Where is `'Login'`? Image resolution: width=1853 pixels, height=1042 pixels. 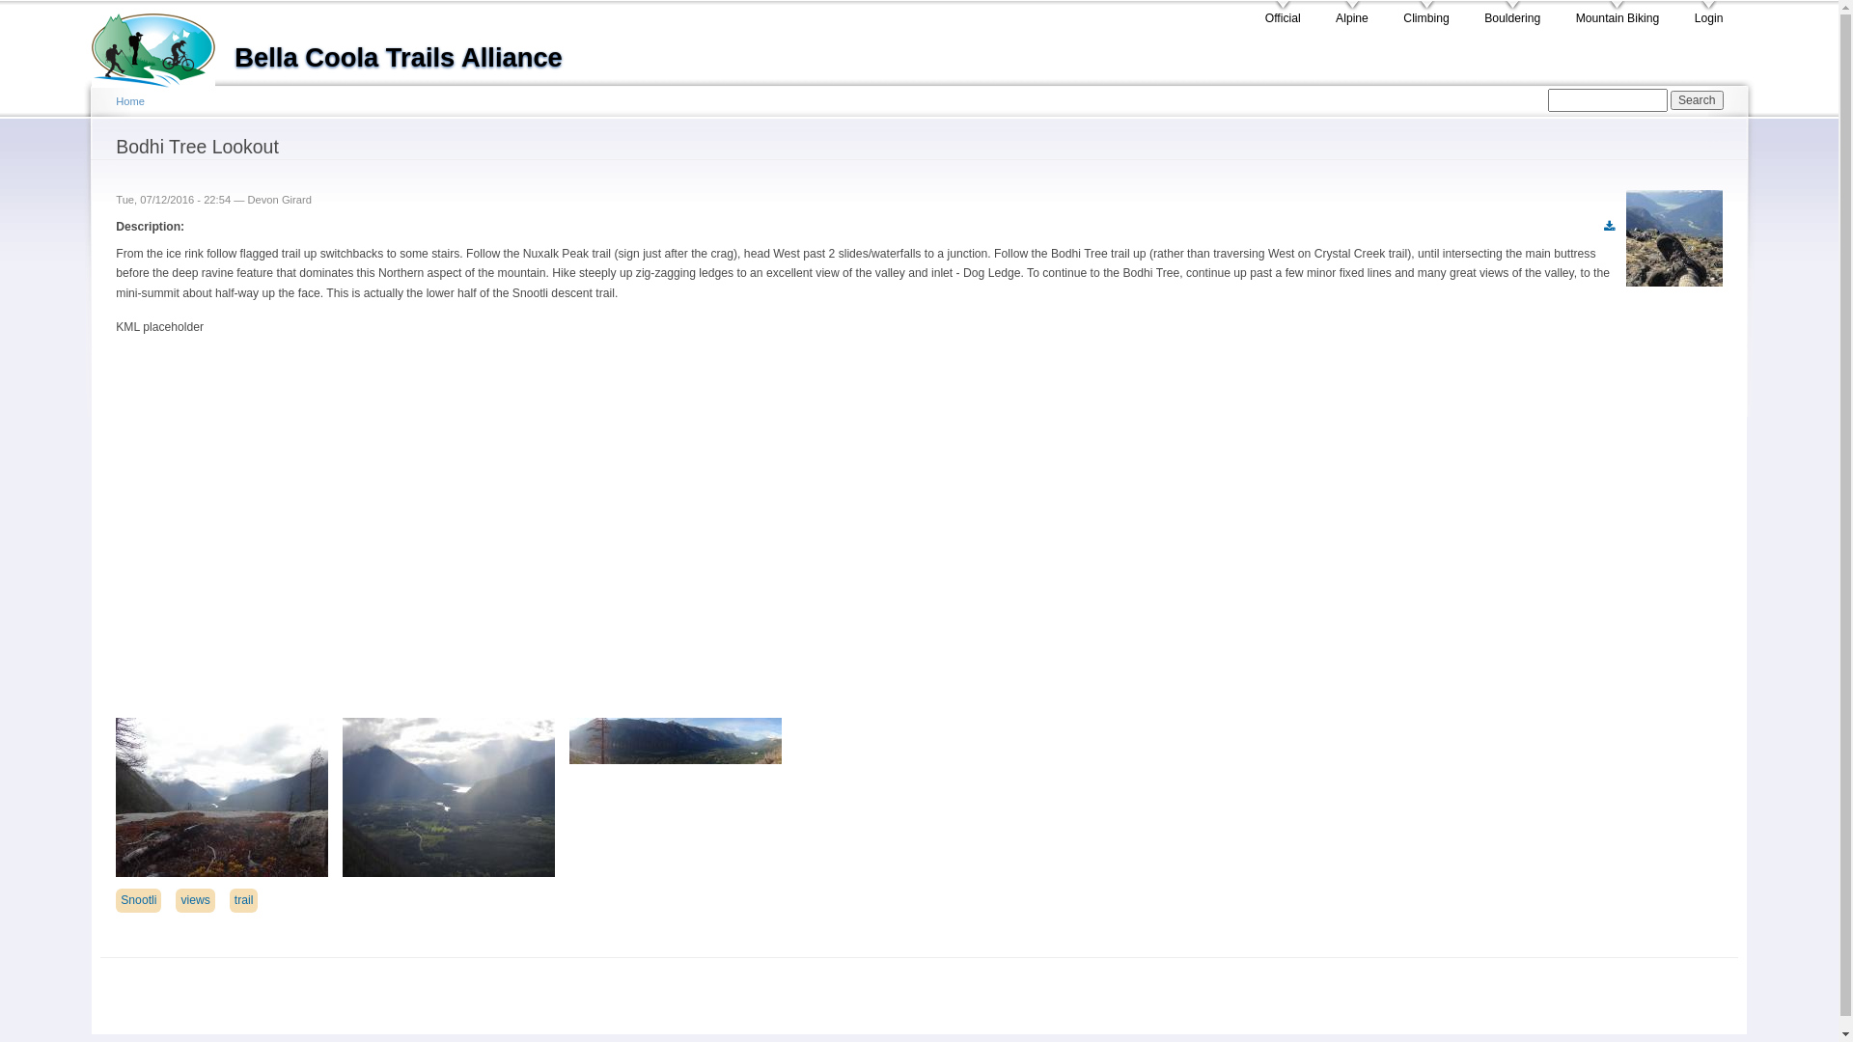
'Login' is located at coordinates (1709, 14).